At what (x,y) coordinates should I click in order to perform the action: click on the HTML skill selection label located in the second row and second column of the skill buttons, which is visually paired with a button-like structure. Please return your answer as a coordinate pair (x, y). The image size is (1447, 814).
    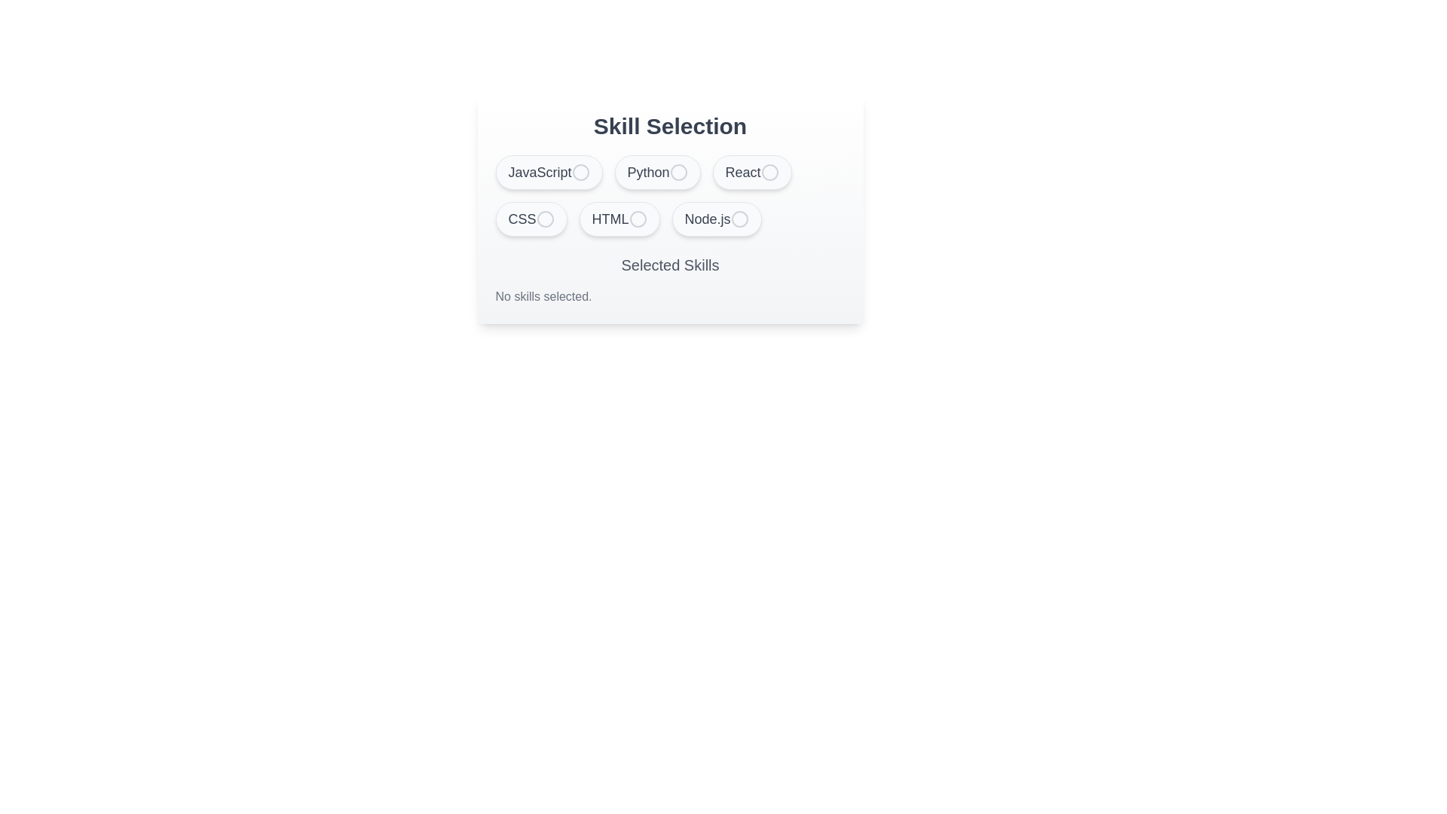
    Looking at the image, I should click on (610, 219).